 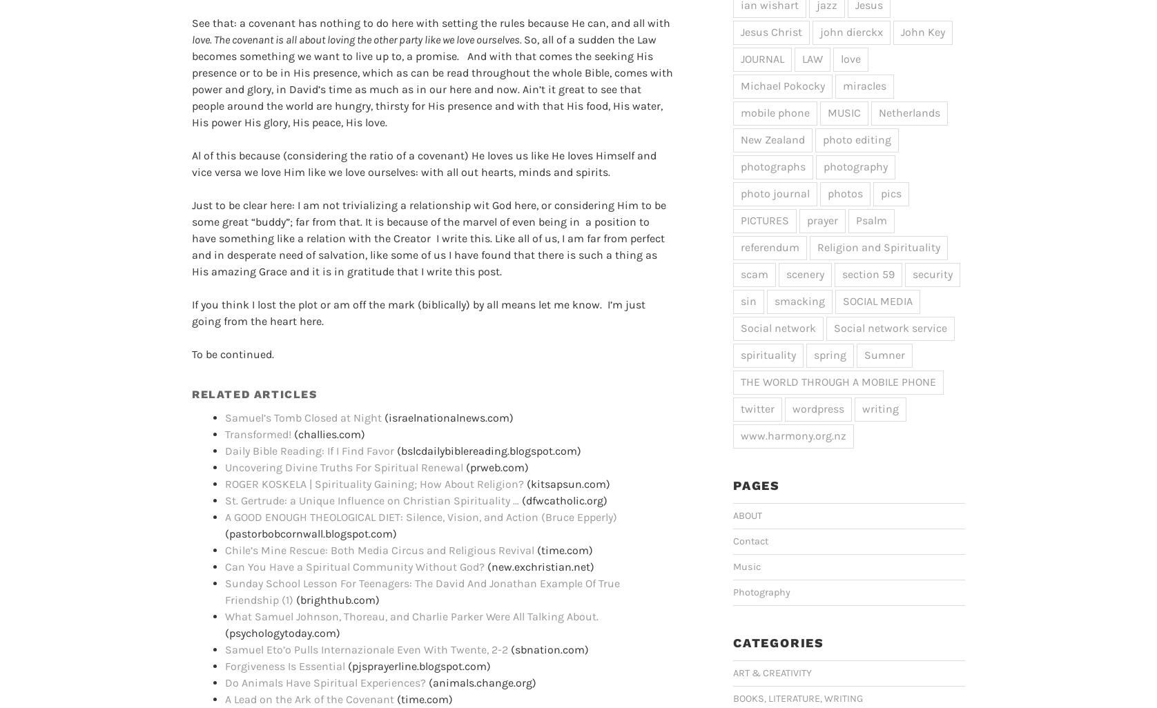 What do you see at coordinates (856, 138) in the screenshot?
I see `'photo editing'` at bounding box center [856, 138].